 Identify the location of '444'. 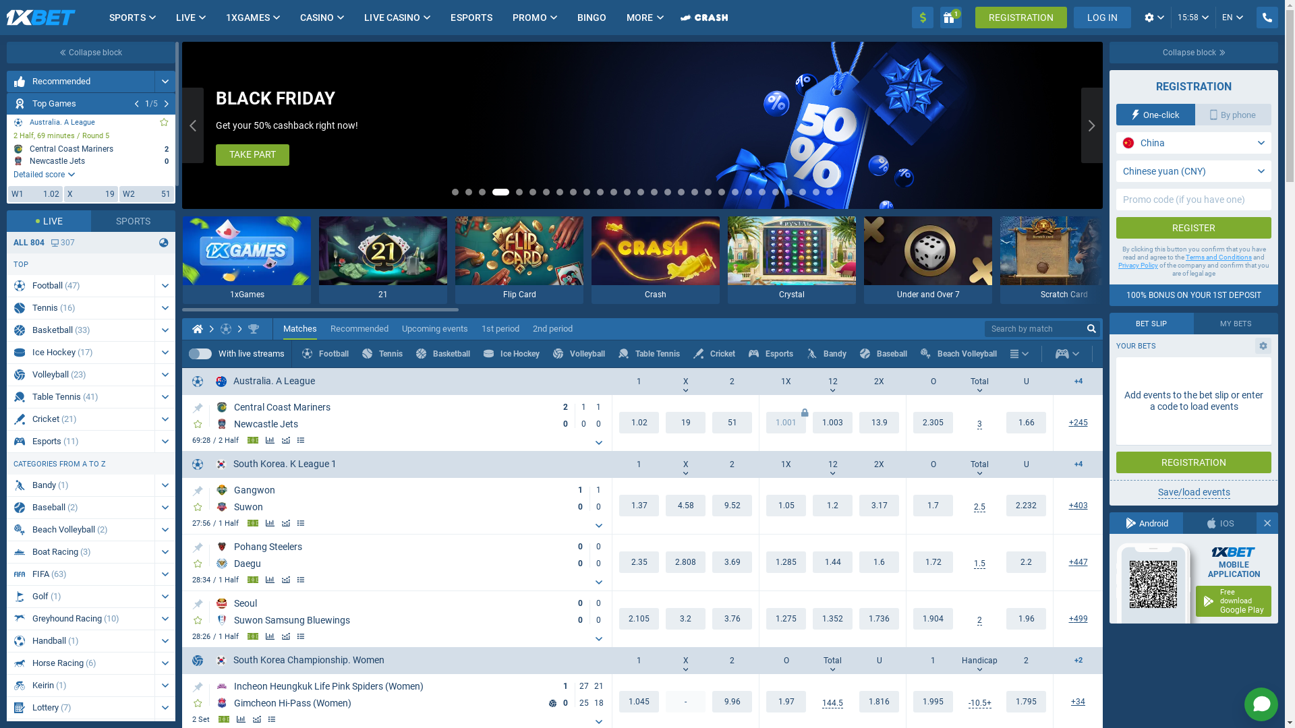
(1077, 562).